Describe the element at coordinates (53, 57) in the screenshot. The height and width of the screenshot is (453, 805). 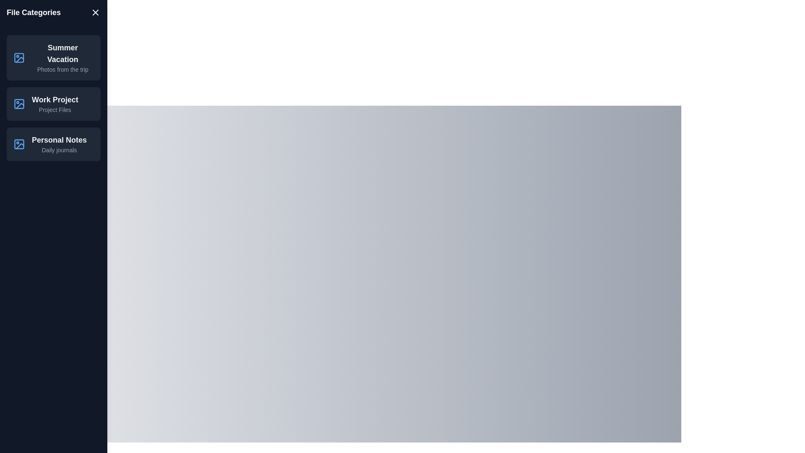
I see `the item Summer Vacation from the list to view its details` at that location.